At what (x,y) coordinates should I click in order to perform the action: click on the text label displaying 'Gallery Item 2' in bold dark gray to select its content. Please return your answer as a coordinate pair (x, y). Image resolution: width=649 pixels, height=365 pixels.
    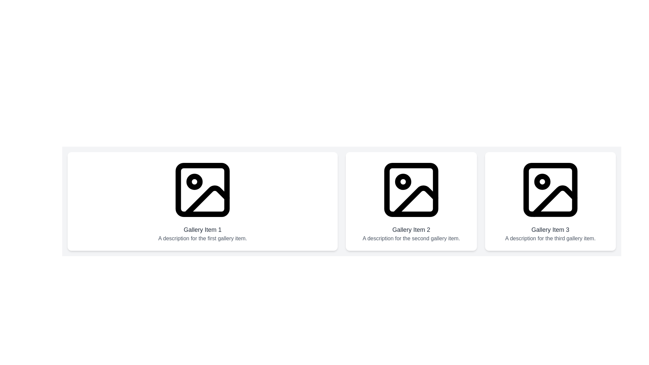
    Looking at the image, I should click on (411, 229).